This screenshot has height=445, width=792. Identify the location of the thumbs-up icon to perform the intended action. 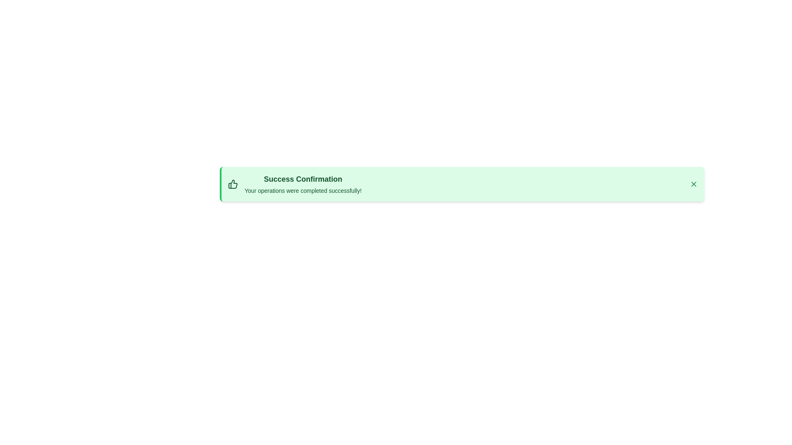
(233, 184).